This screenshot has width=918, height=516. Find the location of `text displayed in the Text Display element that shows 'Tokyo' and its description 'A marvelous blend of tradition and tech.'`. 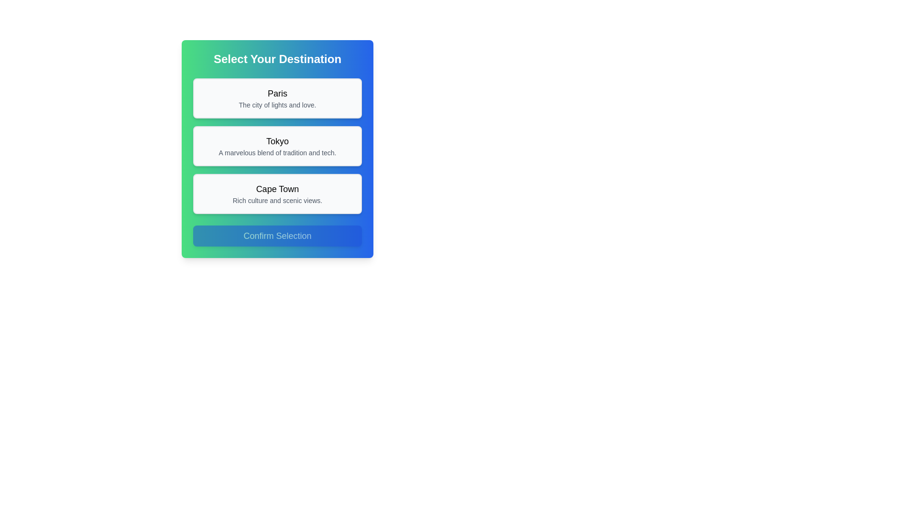

text displayed in the Text Display element that shows 'Tokyo' and its description 'A marvelous blend of tradition and tech.' is located at coordinates (277, 146).